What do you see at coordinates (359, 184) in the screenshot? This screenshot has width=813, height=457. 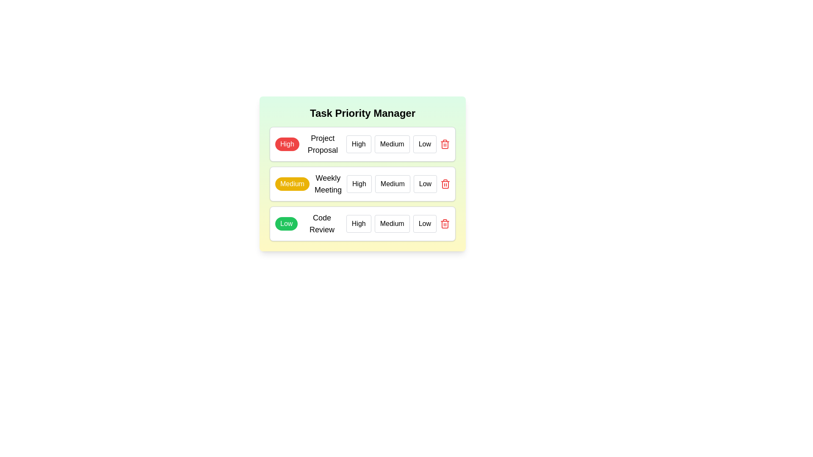 I see `the priority level High for the task Weekly Meeting` at bounding box center [359, 184].